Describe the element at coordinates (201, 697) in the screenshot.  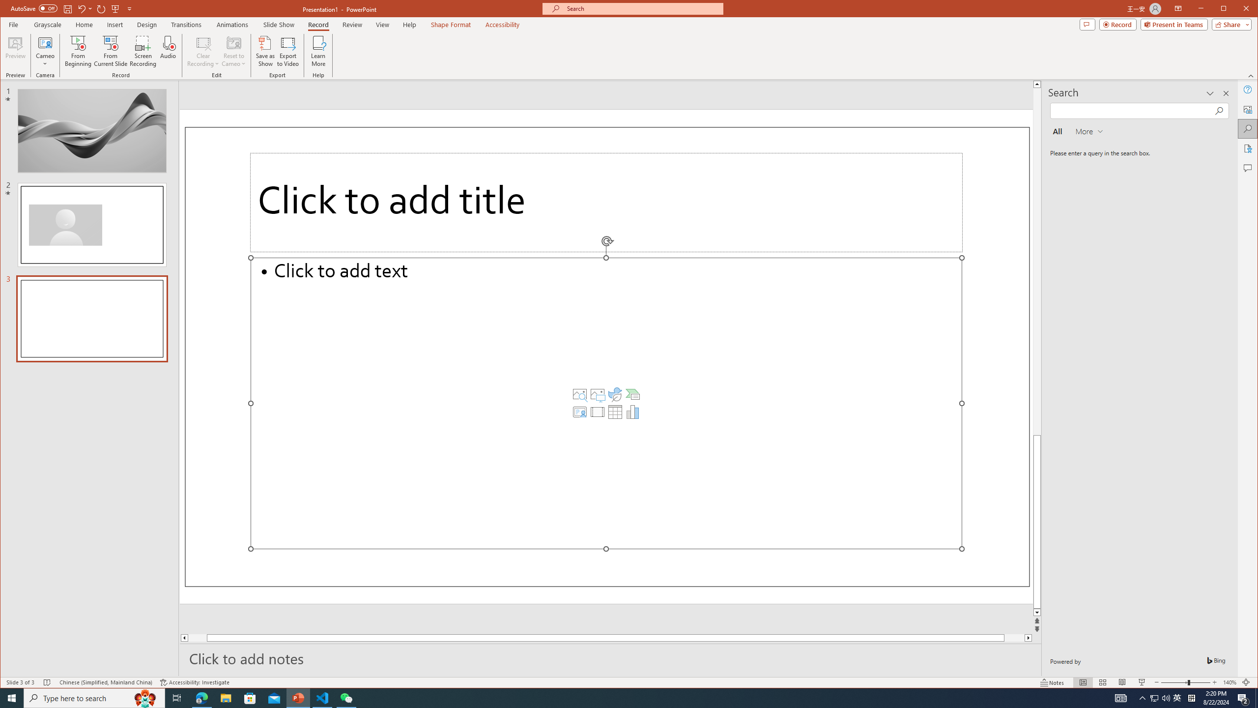
I see `'Microsoft Edge - 1 running window'` at that location.